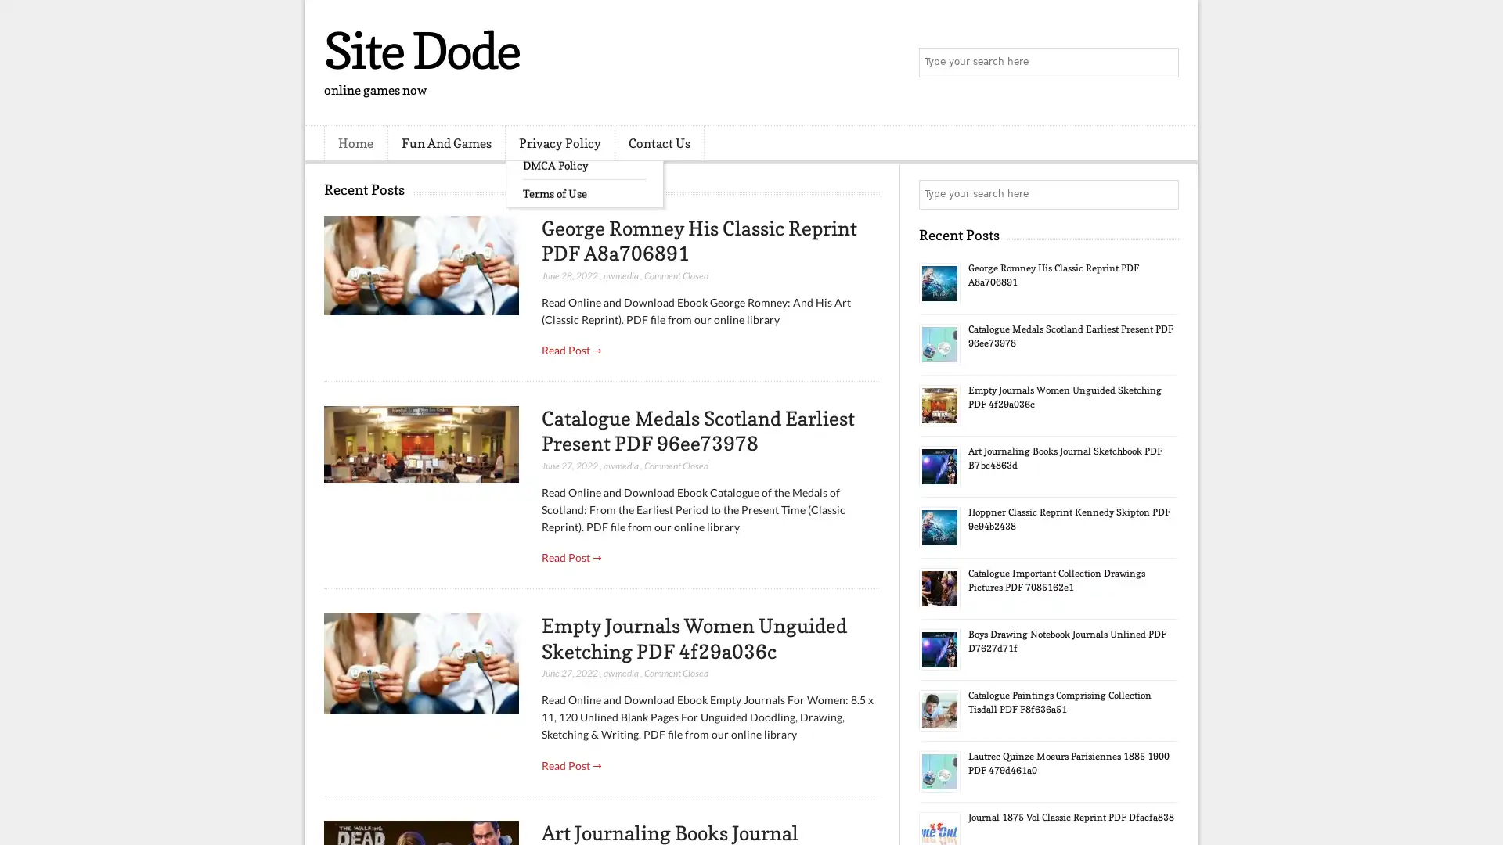 This screenshot has height=845, width=1503. I want to click on Search, so click(1162, 194).